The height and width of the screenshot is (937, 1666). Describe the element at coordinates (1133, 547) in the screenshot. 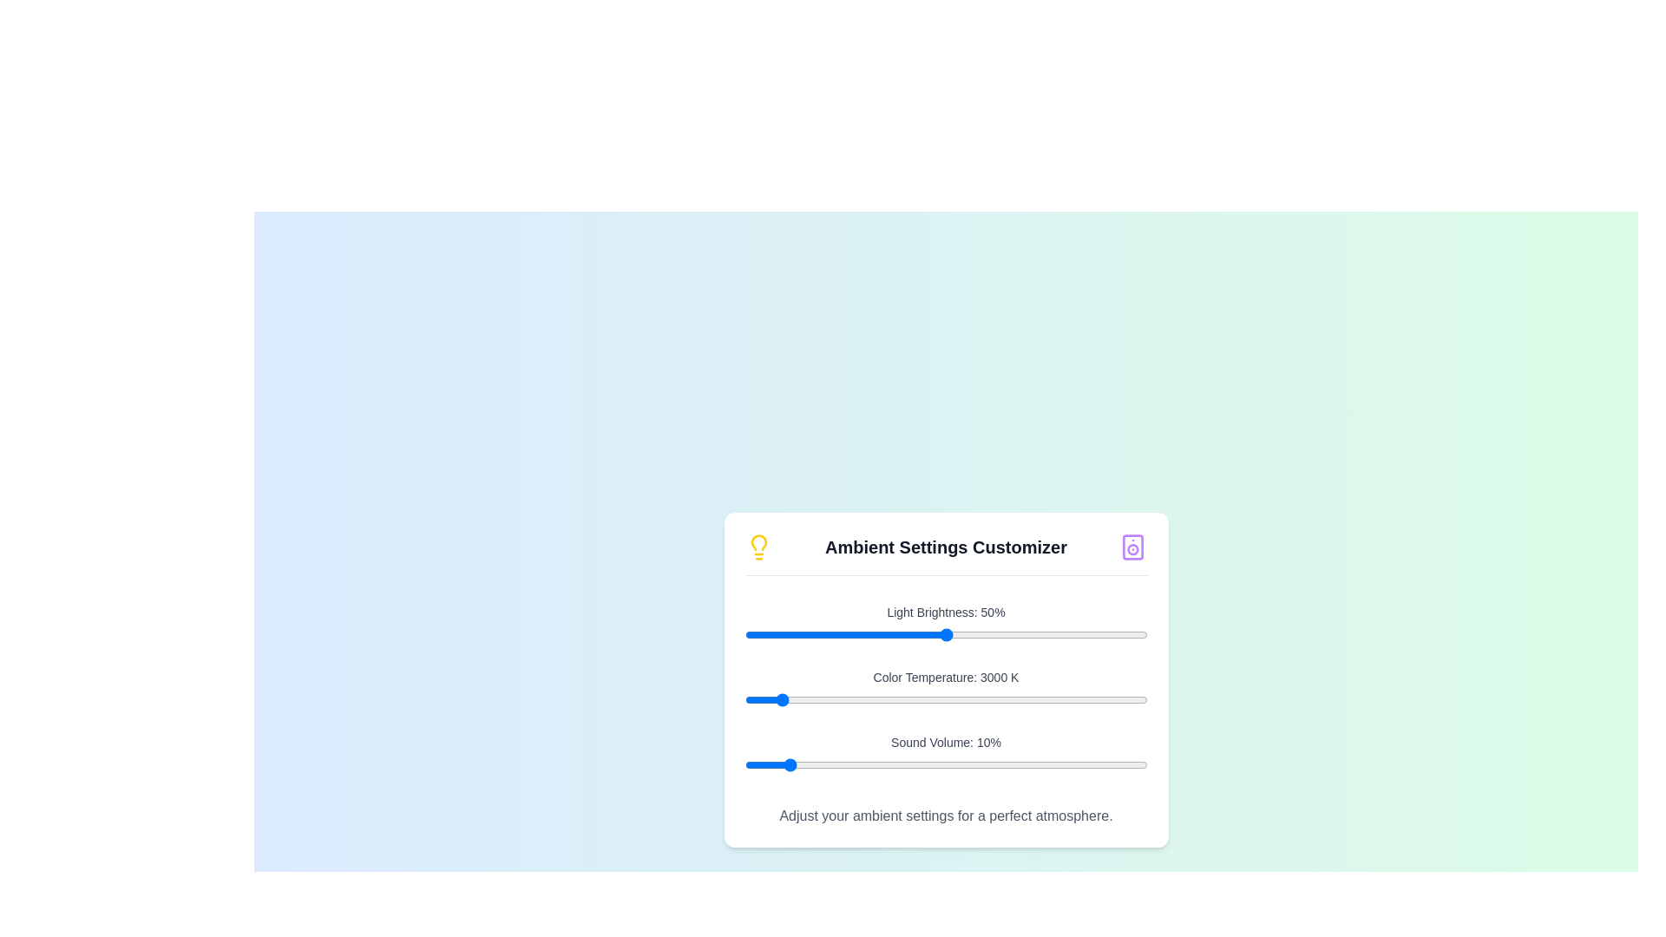

I see `the sound settings icon located in the upper-right corner of the 'Ambient Settings Customizer' section, which is the last icon in the header` at that location.